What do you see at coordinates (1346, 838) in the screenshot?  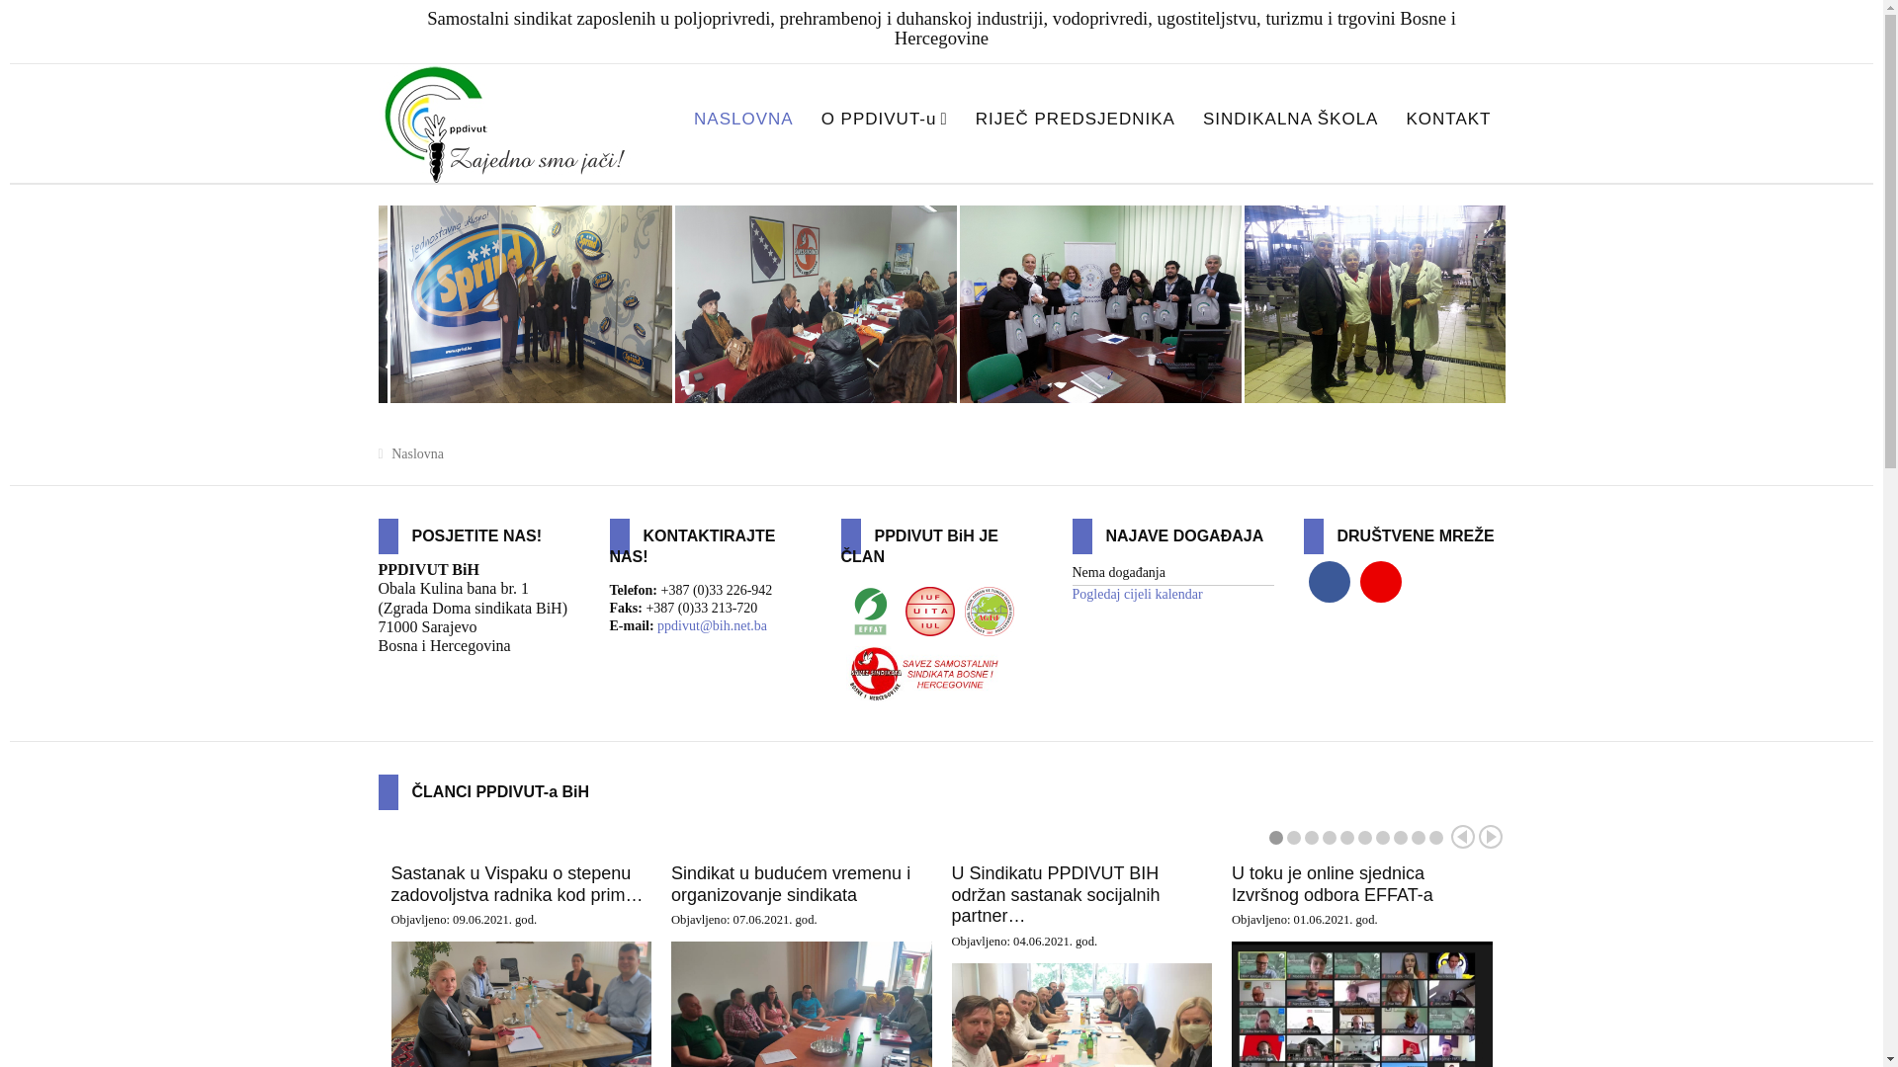 I see `'5'` at bounding box center [1346, 838].